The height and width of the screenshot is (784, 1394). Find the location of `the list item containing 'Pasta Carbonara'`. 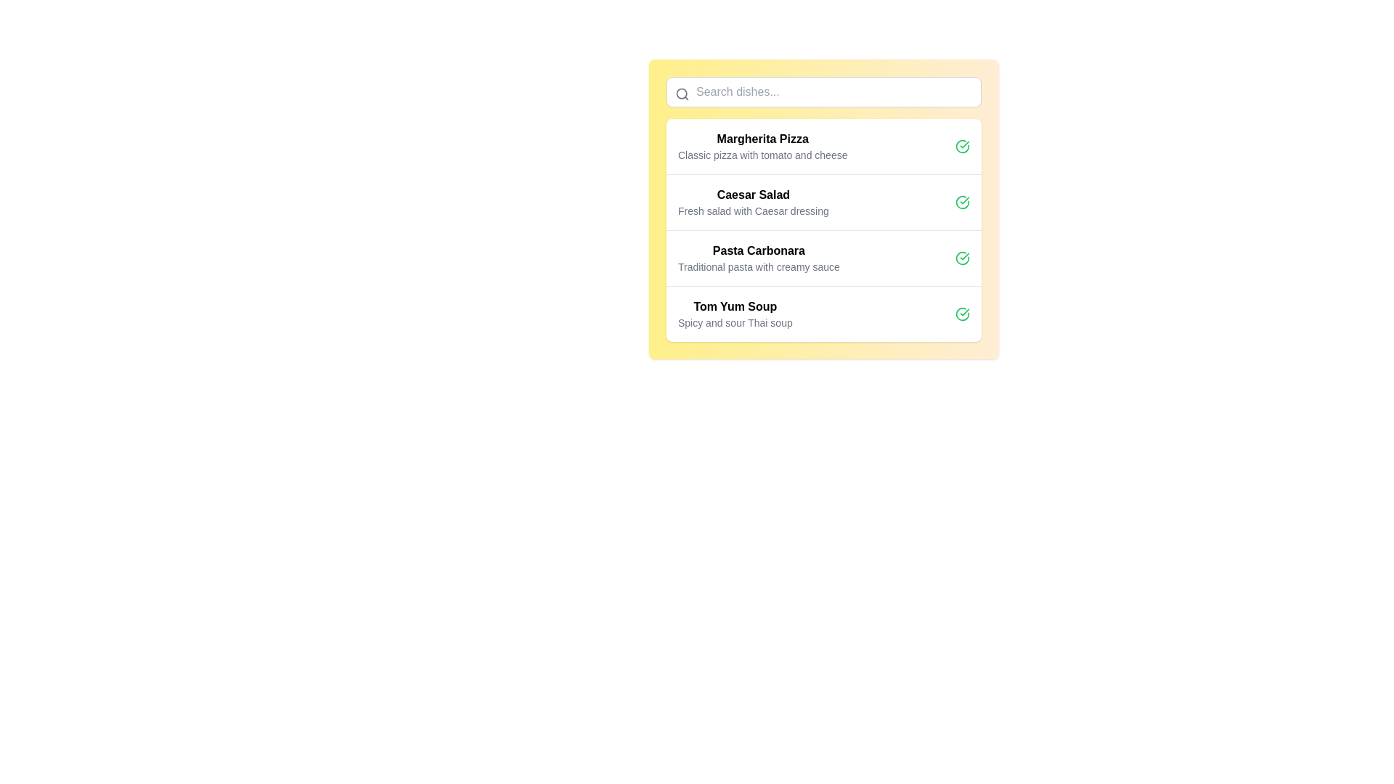

the list item containing 'Pasta Carbonara' is located at coordinates (823, 257).